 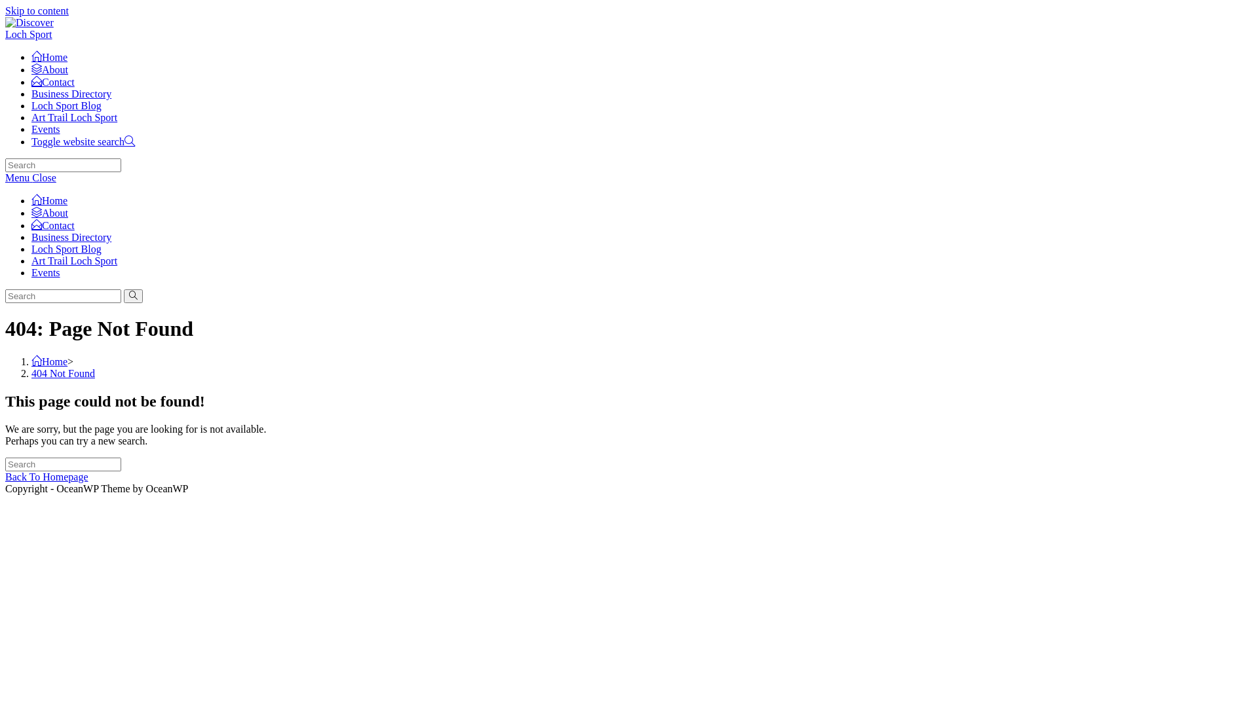 What do you see at coordinates (31, 177) in the screenshot?
I see `'Menu Close'` at bounding box center [31, 177].